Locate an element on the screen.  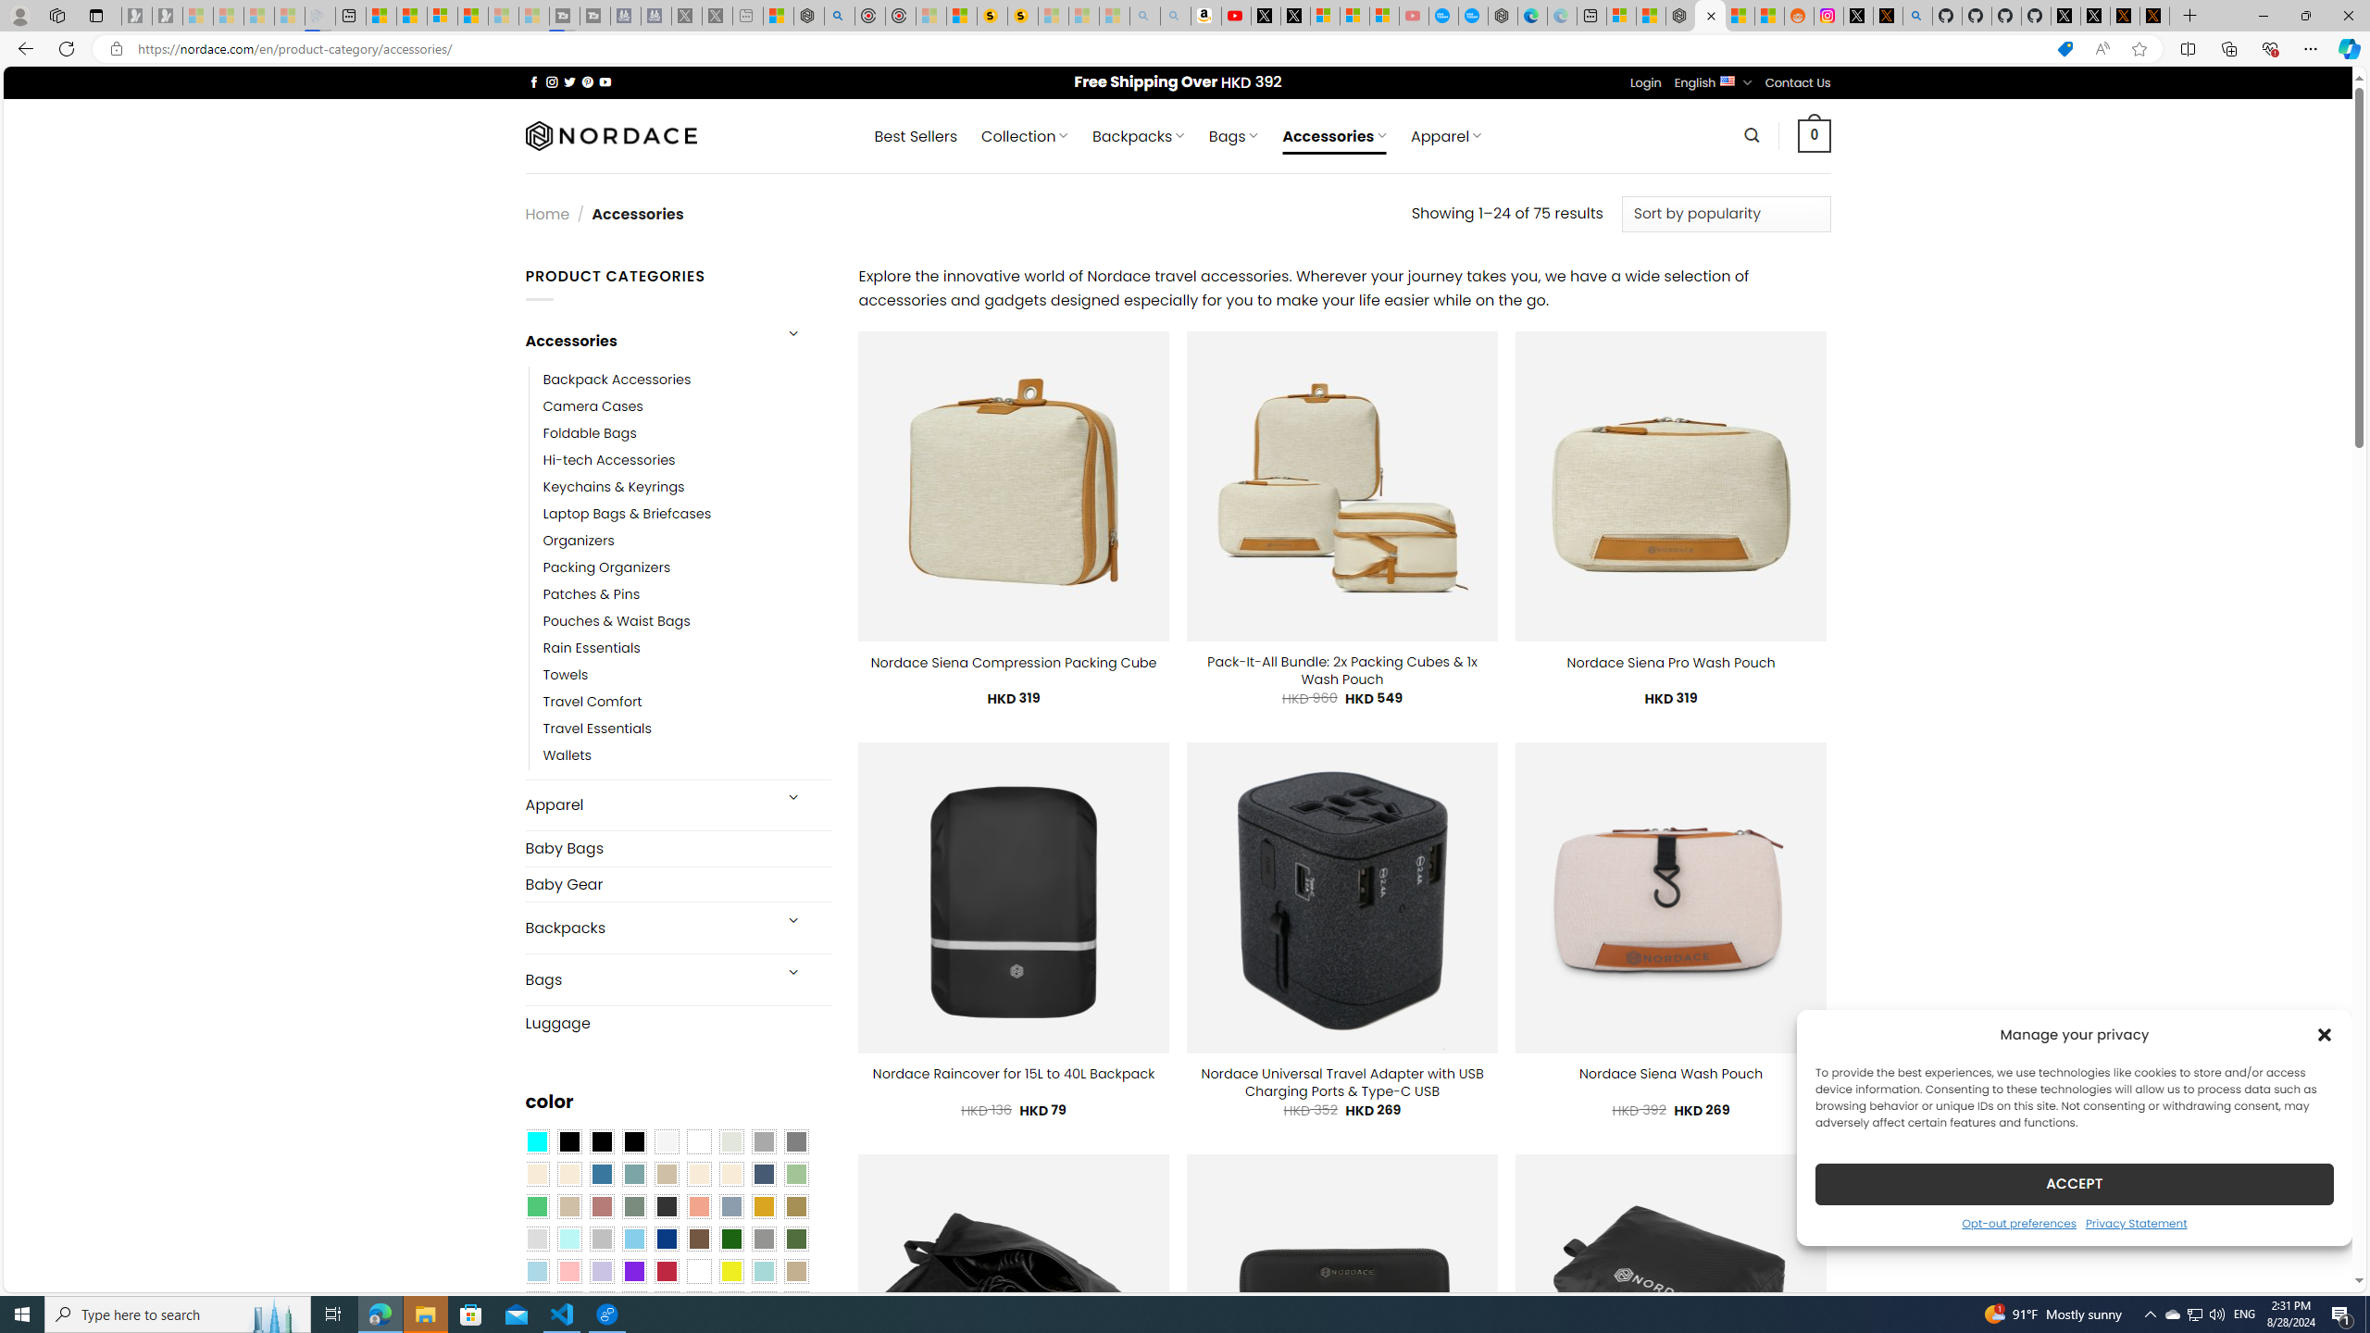
'Rain Essentials' is located at coordinates (686, 648).